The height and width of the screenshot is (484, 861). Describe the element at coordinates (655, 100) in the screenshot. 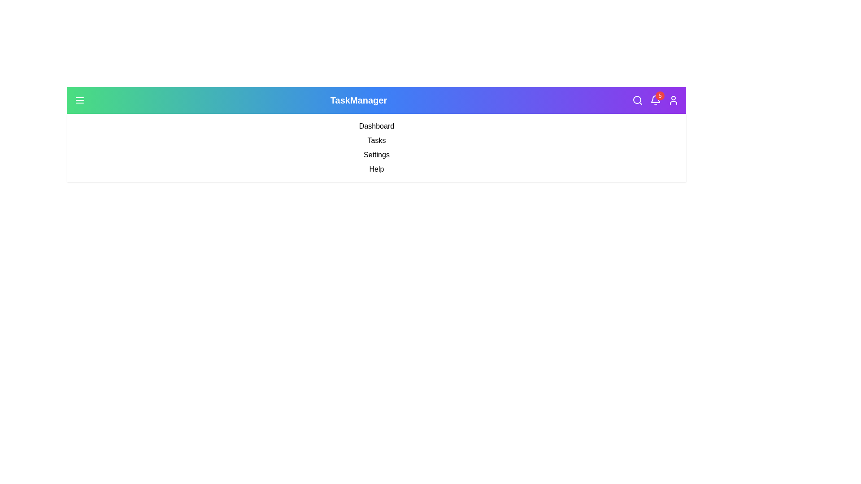

I see `the bell icon button located at the end of the navigation bar to potentially see a tooltip` at that location.